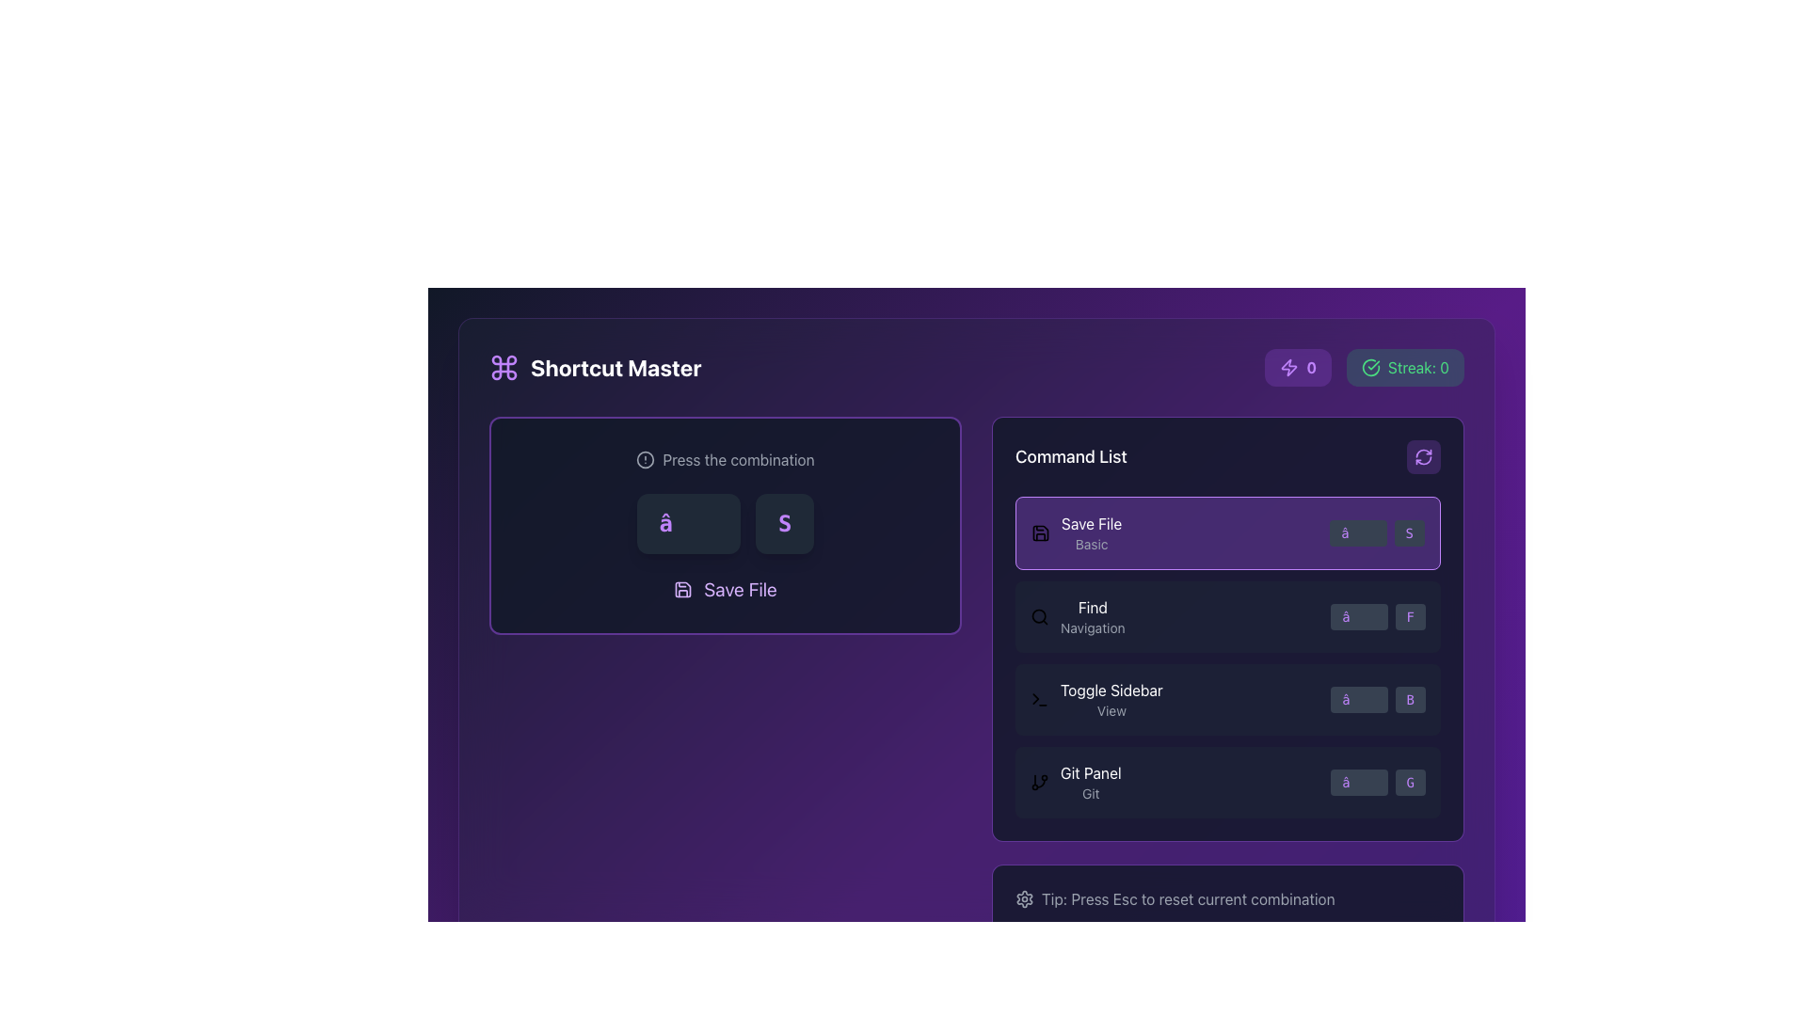 The image size is (1807, 1016). Describe the element at coordinates (1410, 616) in the screenshot. I see `the 'F' shortcut key display element, which is a rounded rectangle with a dark gray background and a purple 'F' character inside it, located in the 'Find' row of the Command List section` at that location.